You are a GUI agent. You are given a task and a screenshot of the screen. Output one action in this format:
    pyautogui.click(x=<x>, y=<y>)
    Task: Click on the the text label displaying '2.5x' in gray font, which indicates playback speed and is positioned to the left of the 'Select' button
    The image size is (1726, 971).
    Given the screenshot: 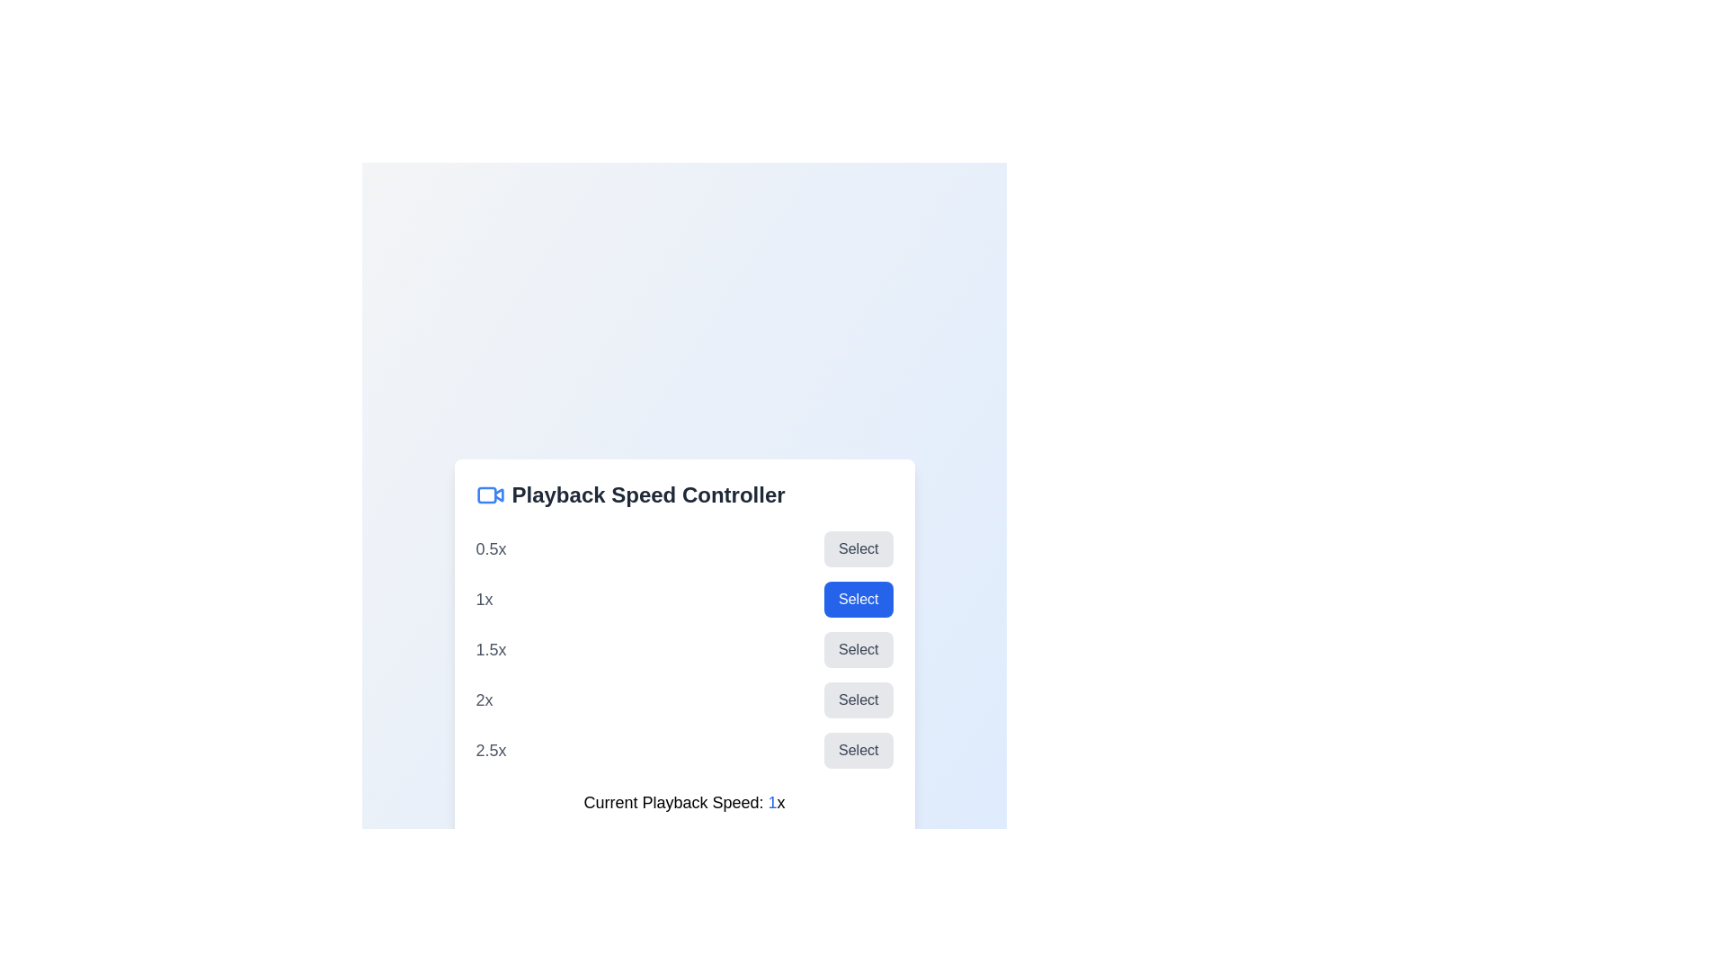 What is the action you would take?
    pyautogui.click(x=491, y=750)
    